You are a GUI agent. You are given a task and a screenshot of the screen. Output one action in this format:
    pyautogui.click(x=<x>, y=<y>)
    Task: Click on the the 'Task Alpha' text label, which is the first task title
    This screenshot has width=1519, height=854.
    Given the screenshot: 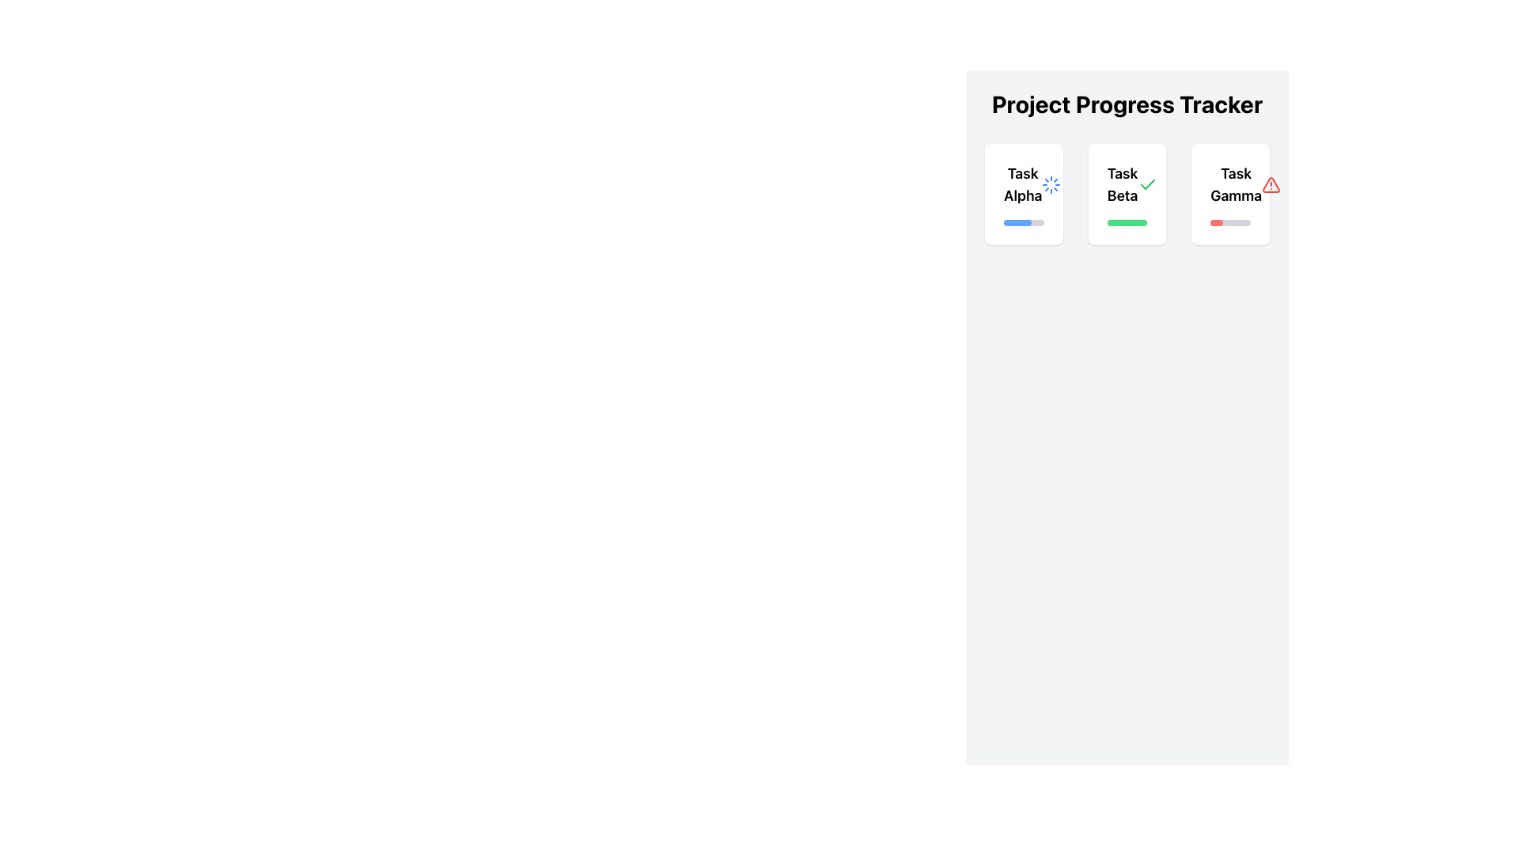 What is the action you would take?
    pyautogui.click(x=1022, y=184)
    